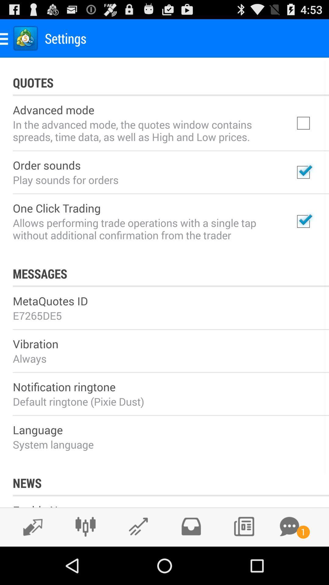 The width and height of the screenshot is (329, 585). Describe the element at coordinates (289, 526) in the screenshot. I see `a conversation button meaning some chat notification` at that location.